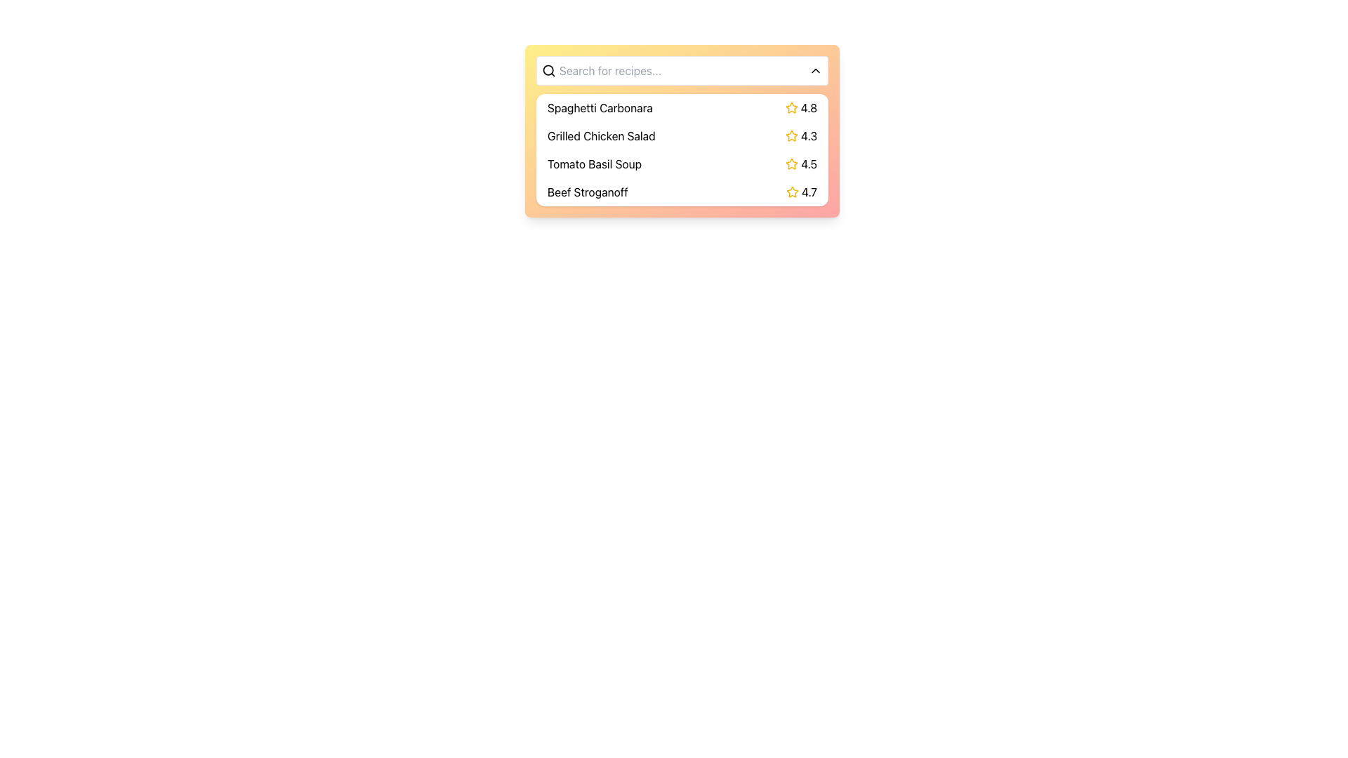  What do you see at coordinates (682, 149) in the screenshot?
I see `the third menu item in the list` at bounding box center [682, 149].